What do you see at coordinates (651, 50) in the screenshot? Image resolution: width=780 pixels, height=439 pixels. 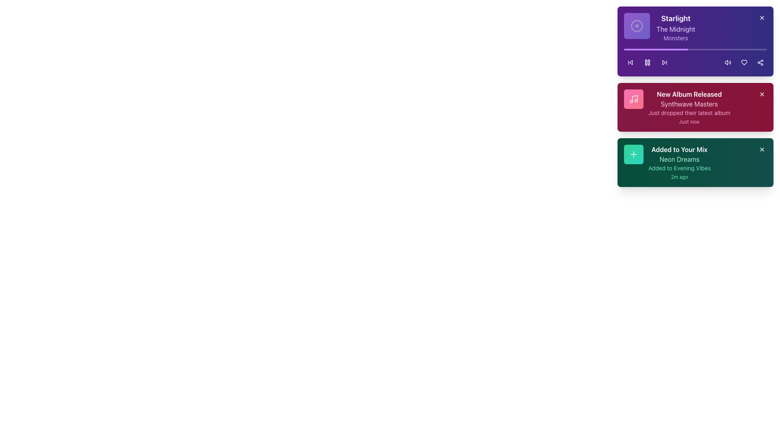 I see `the progress bar` at bounding box center [651, 50].